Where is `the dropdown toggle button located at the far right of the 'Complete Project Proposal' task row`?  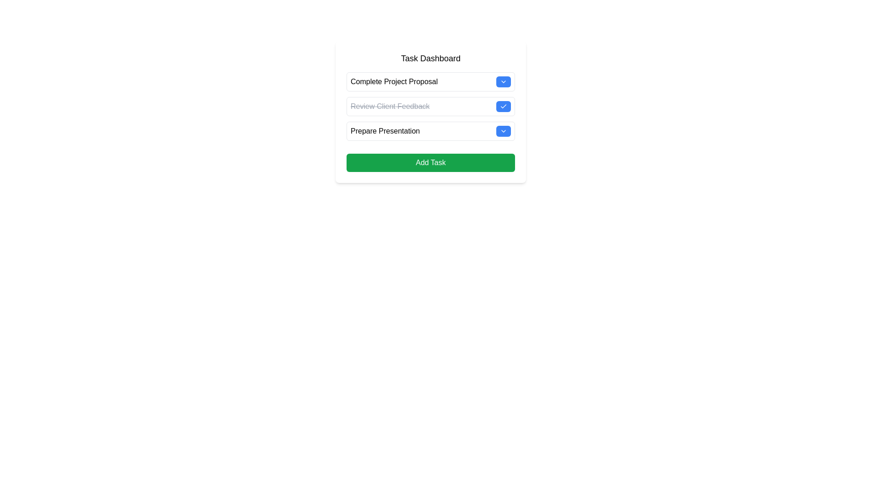
the dropdown toggle button located at the far right of the 'Complete Project Proposal' task row is located at coordinates (503, 81).